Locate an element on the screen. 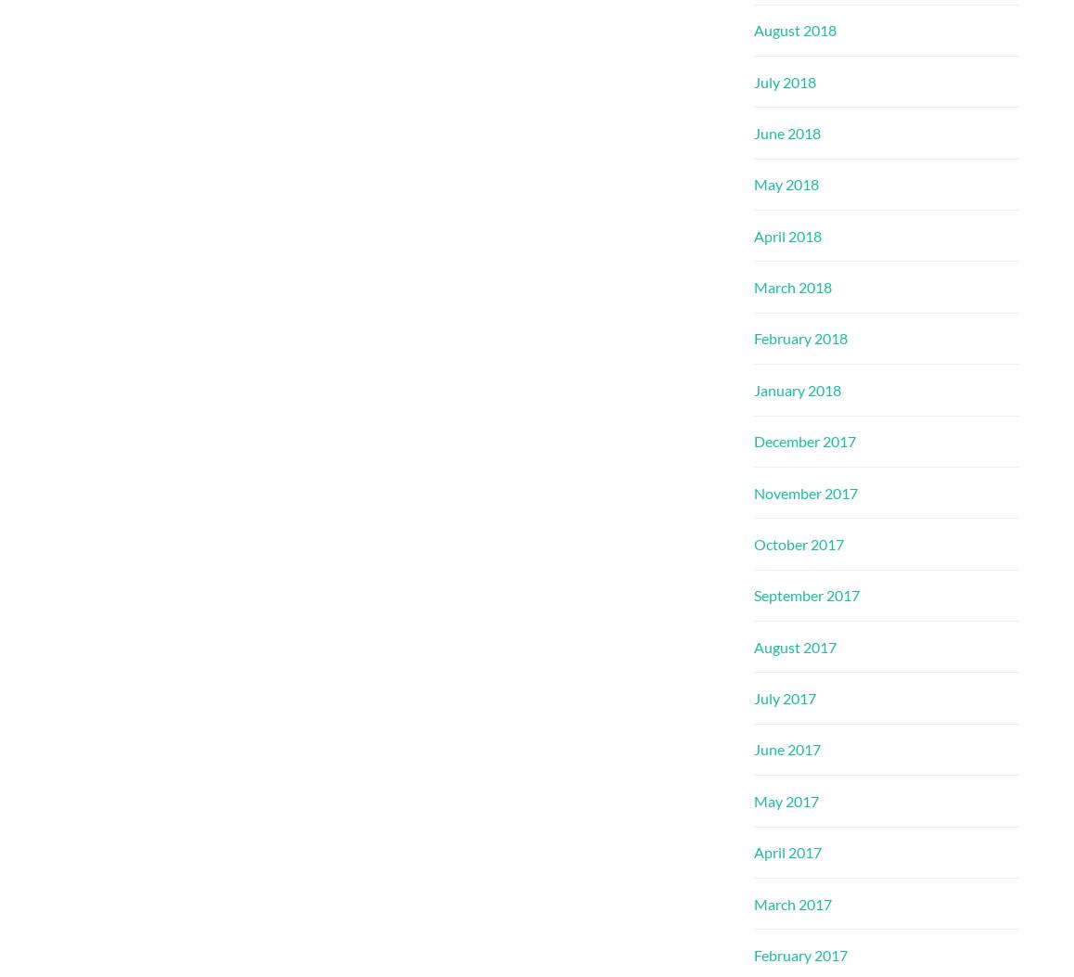  'February 2017' is located at coordinates (799, 953).